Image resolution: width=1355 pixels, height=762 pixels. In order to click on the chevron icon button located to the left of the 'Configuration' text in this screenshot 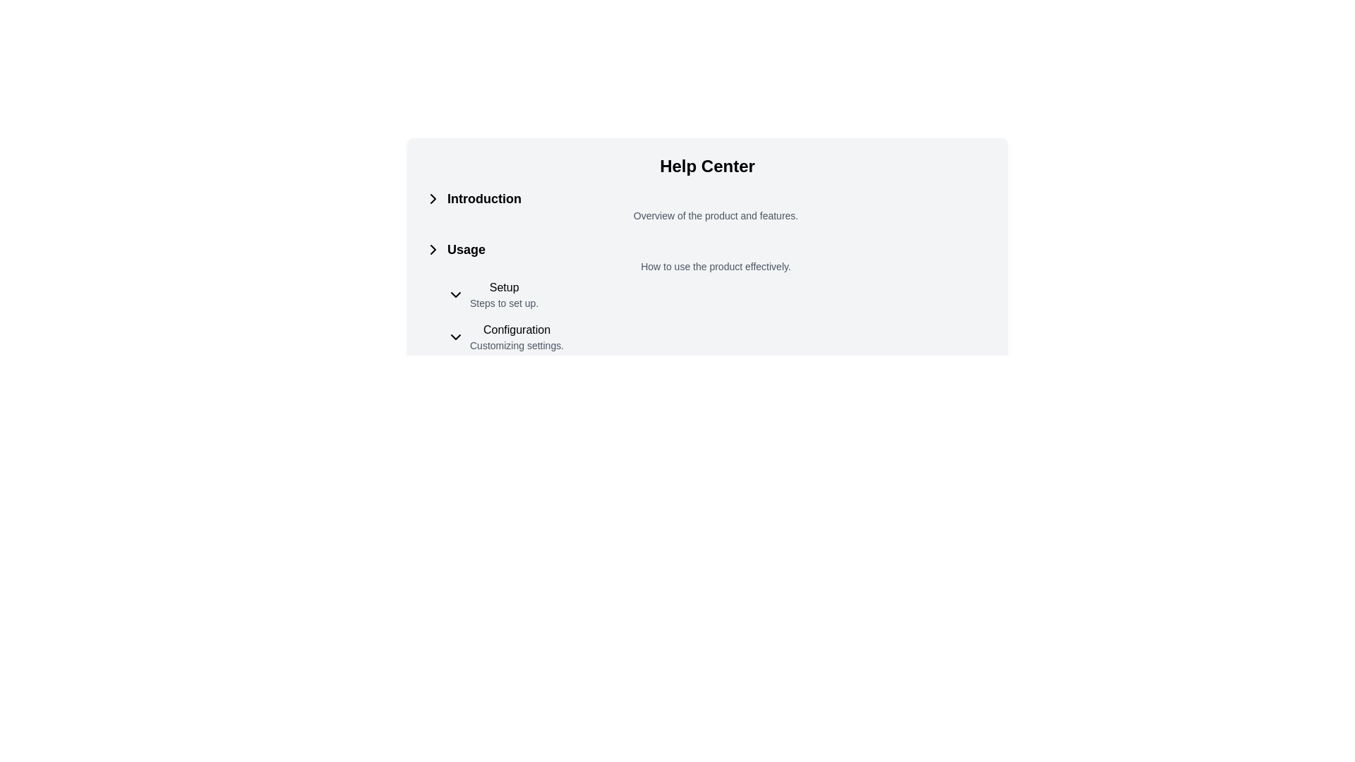, I will do `click(456, 337)`.